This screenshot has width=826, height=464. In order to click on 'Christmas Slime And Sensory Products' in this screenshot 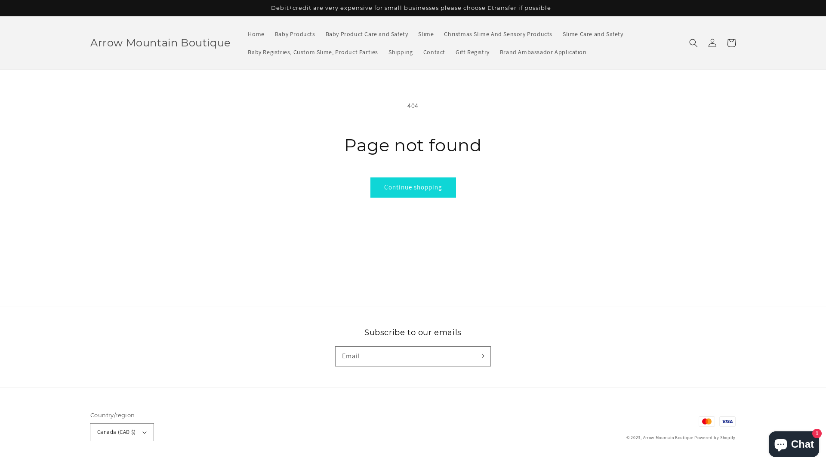, I will do `click(498, 33)`.